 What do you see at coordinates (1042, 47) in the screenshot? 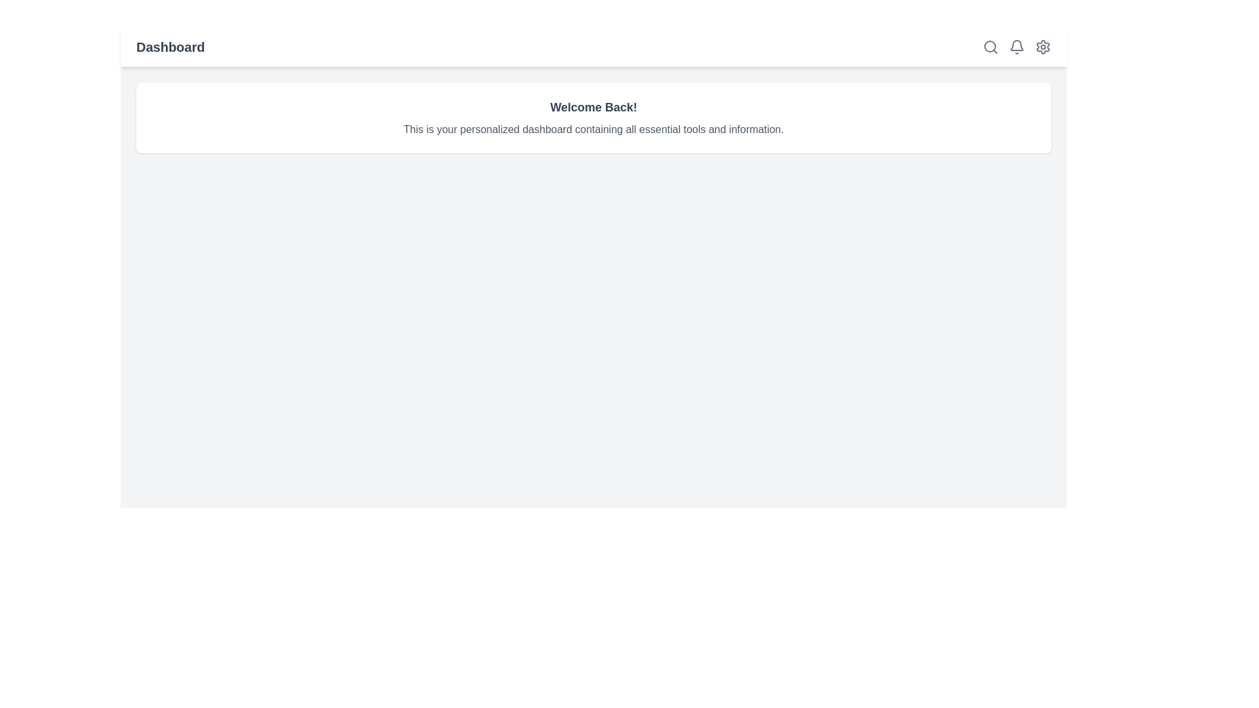
I see `the gear-shaped icon button located in the top-right corner of the interface` at bounding box center [1042, 47].